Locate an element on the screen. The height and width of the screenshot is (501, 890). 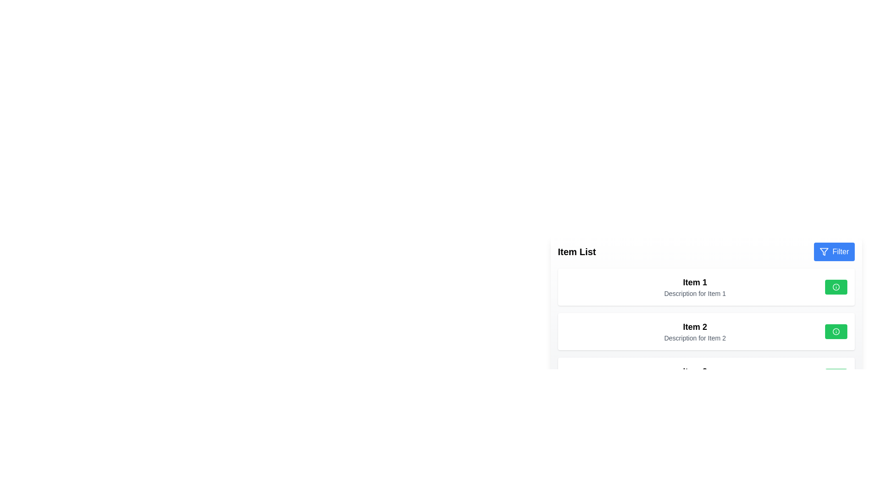
the Text Label that serves as the title or name of the first item in the displayed list, located at the top of the list above the 'Description for Item 1' text is located at coordinates (695, 282).